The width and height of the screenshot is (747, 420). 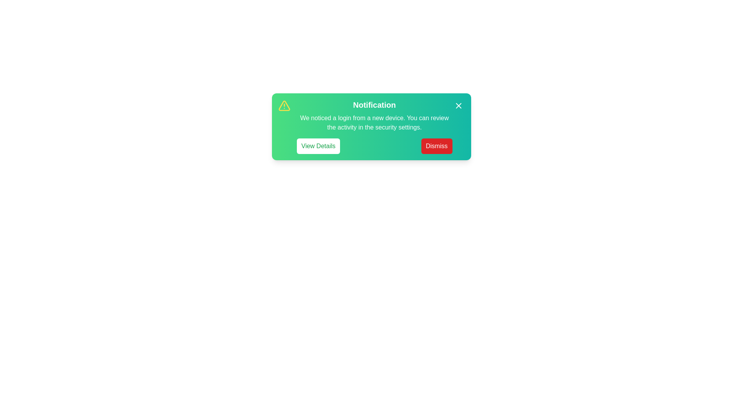 I want to click on the 'View Details' button to navigate to the details page, so click(x=318, y=146).